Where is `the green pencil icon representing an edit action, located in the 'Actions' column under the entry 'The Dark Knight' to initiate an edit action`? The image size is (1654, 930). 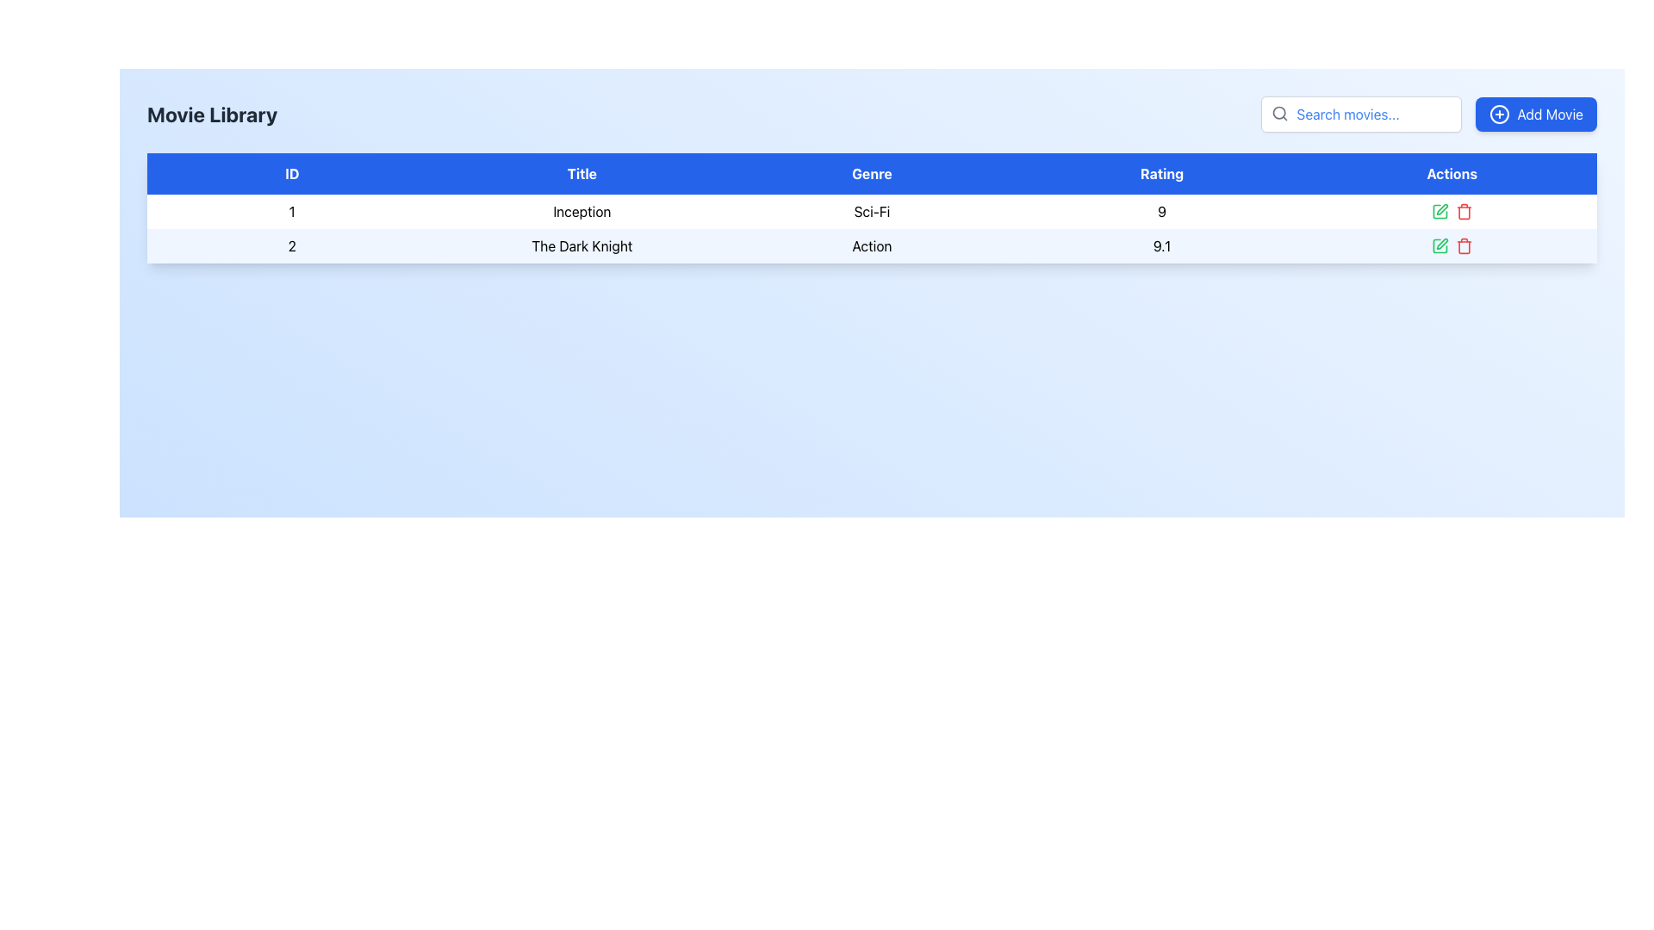 the green pencil icon representing an edit action, located in the 'Actions' column under the entry 'The Dark Knight' to initiate an edit action is located at coordinates (1439, 211).